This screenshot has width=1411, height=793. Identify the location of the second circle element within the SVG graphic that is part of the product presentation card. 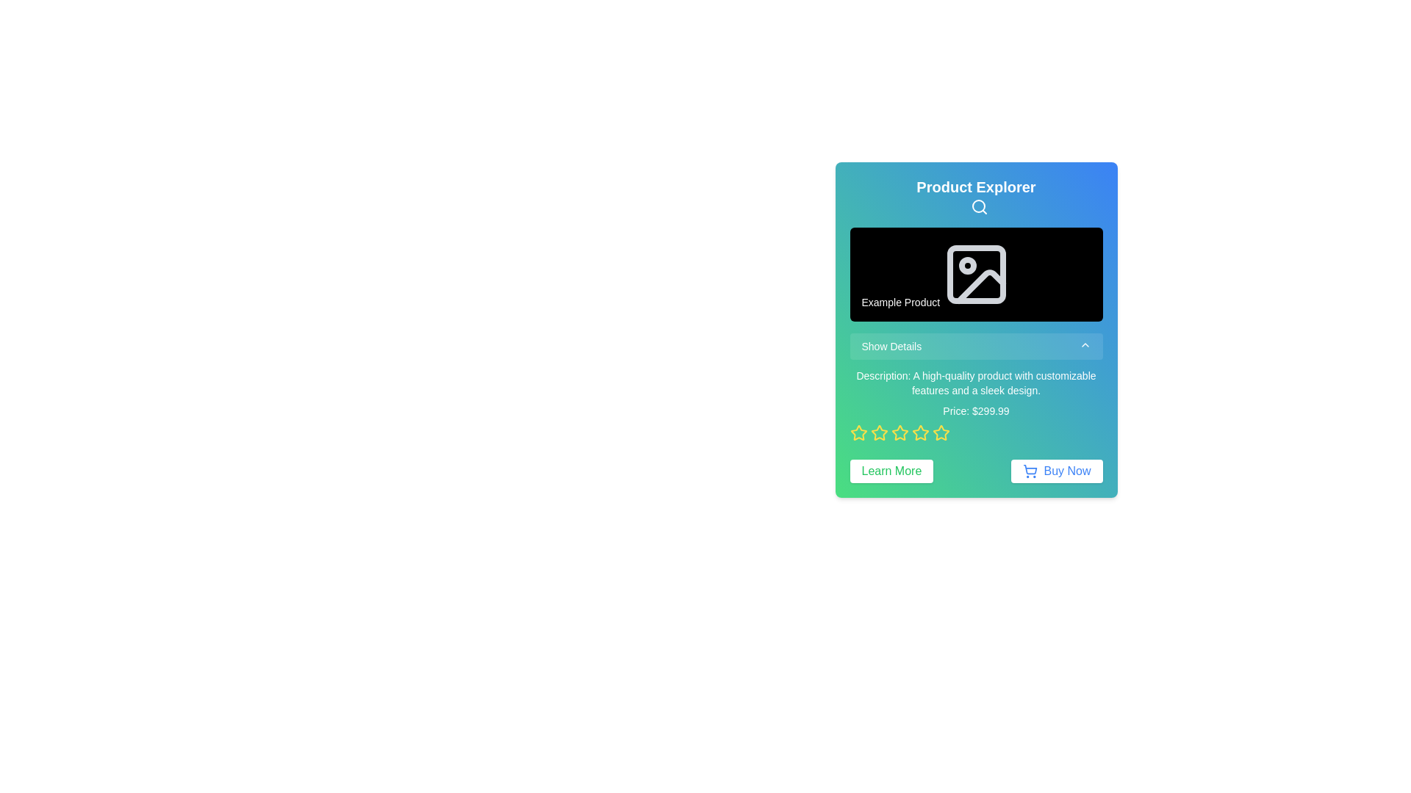
(967, 265).